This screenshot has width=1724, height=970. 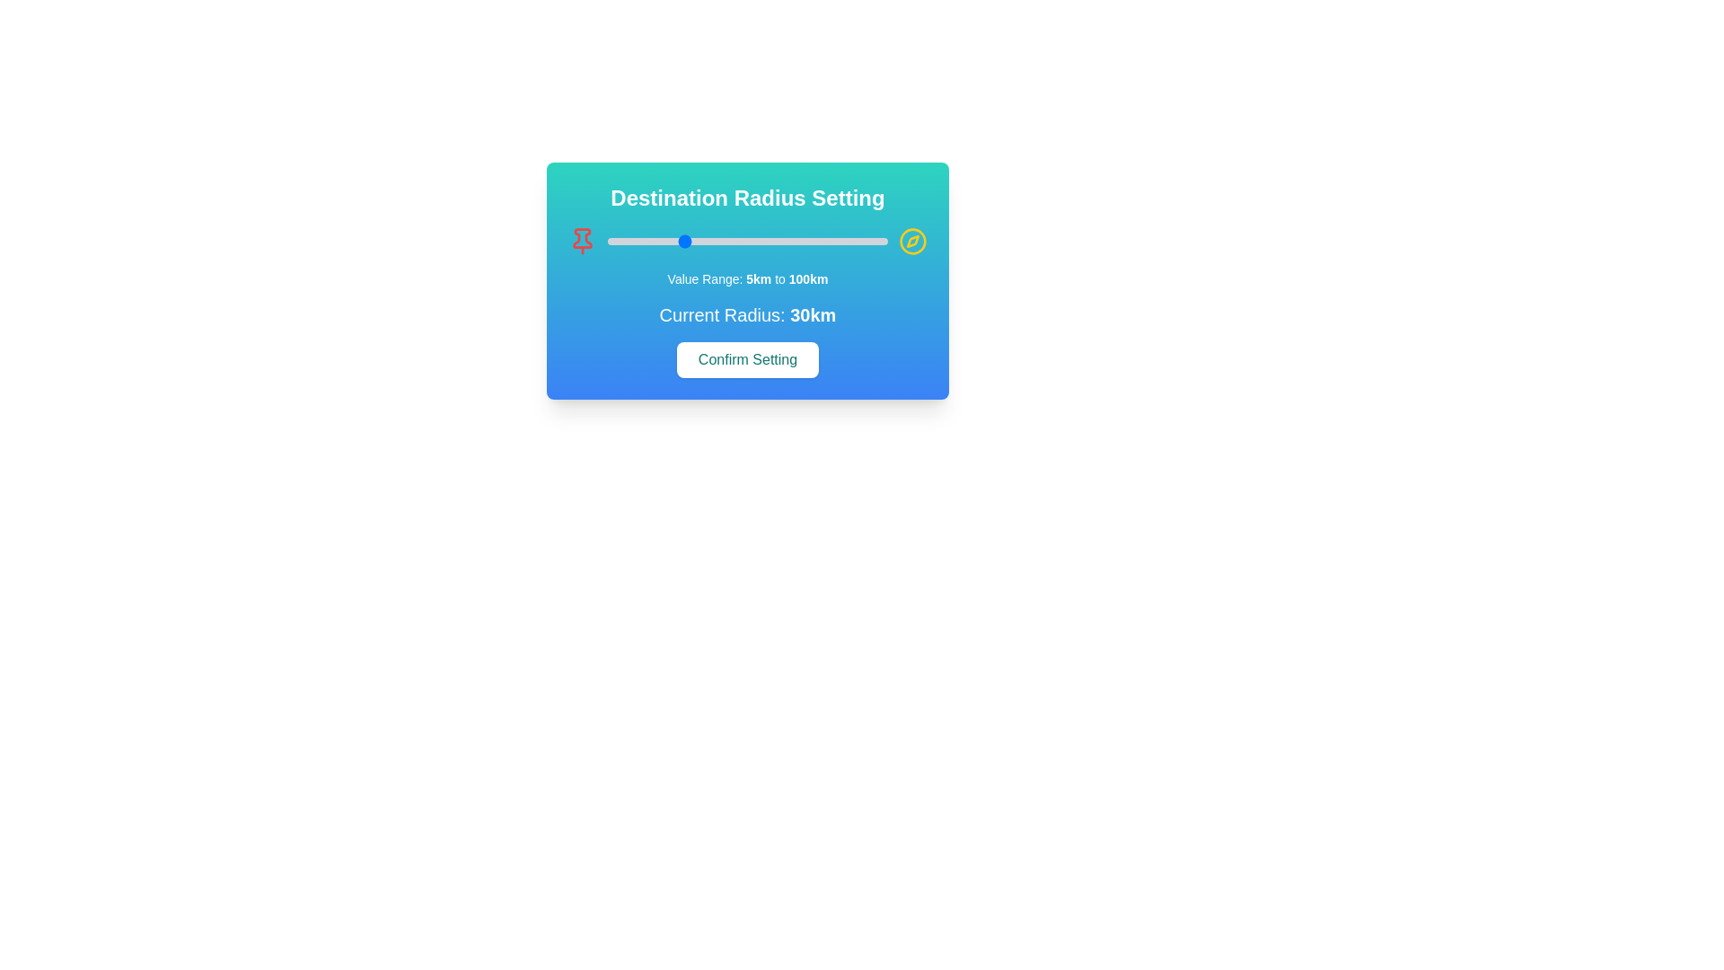 I want to click on the radius slider to set the radius to 78 km, so click(x=822, y=241).